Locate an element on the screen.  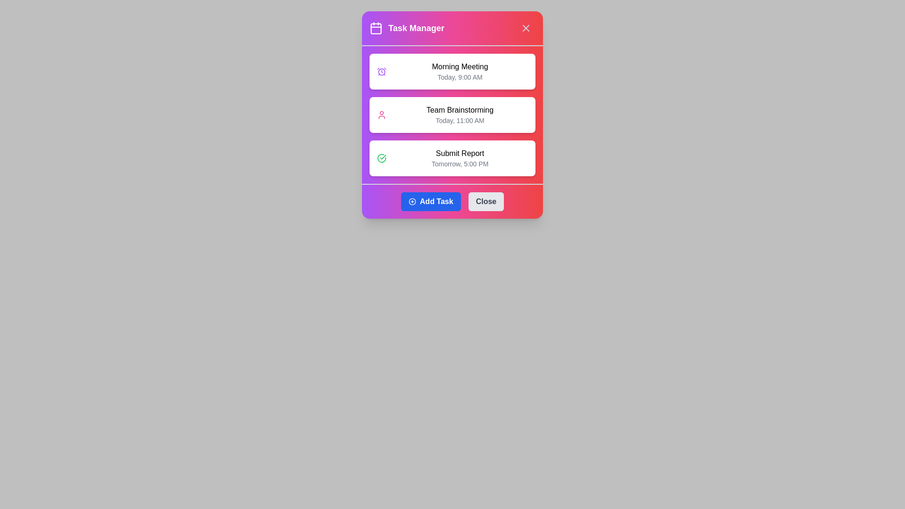
text label that displays 'Today, 11:00 AM', which is styled in a small gray font and positioned below the 'Team Brainstorming' title is located at coordinates (460, 120).